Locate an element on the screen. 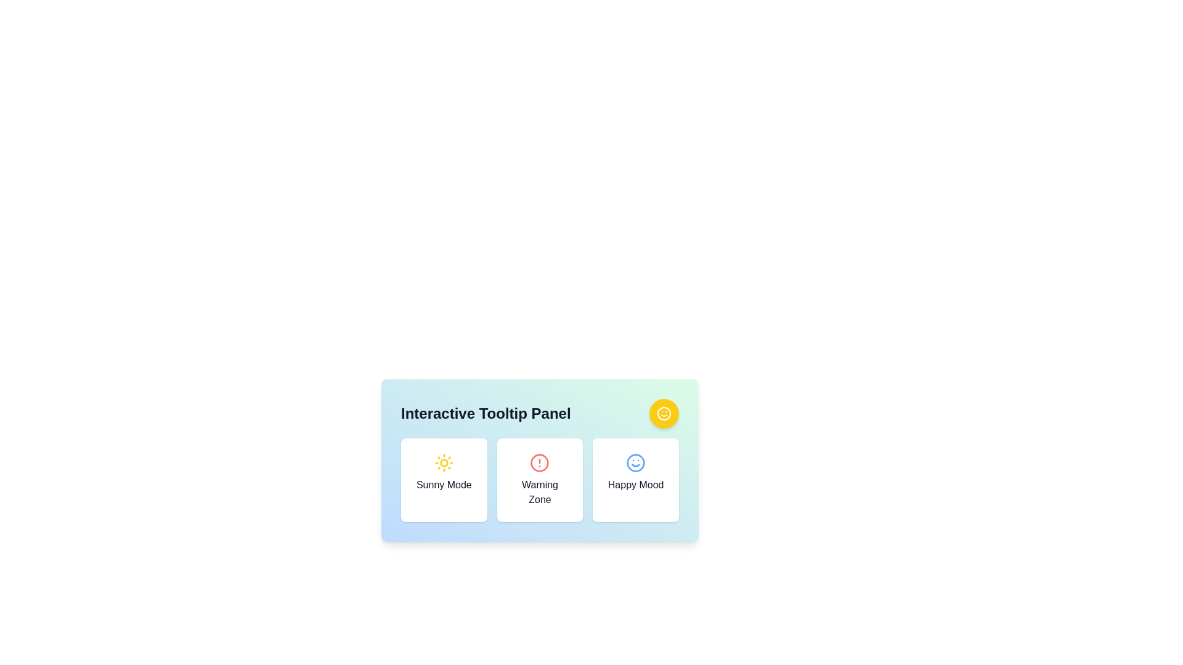  the visual design of the 'Happy Mood' icon, which features a smiley face and is positioned centrally above the text 'Happy Mood' is located at coordinates (636, 463).